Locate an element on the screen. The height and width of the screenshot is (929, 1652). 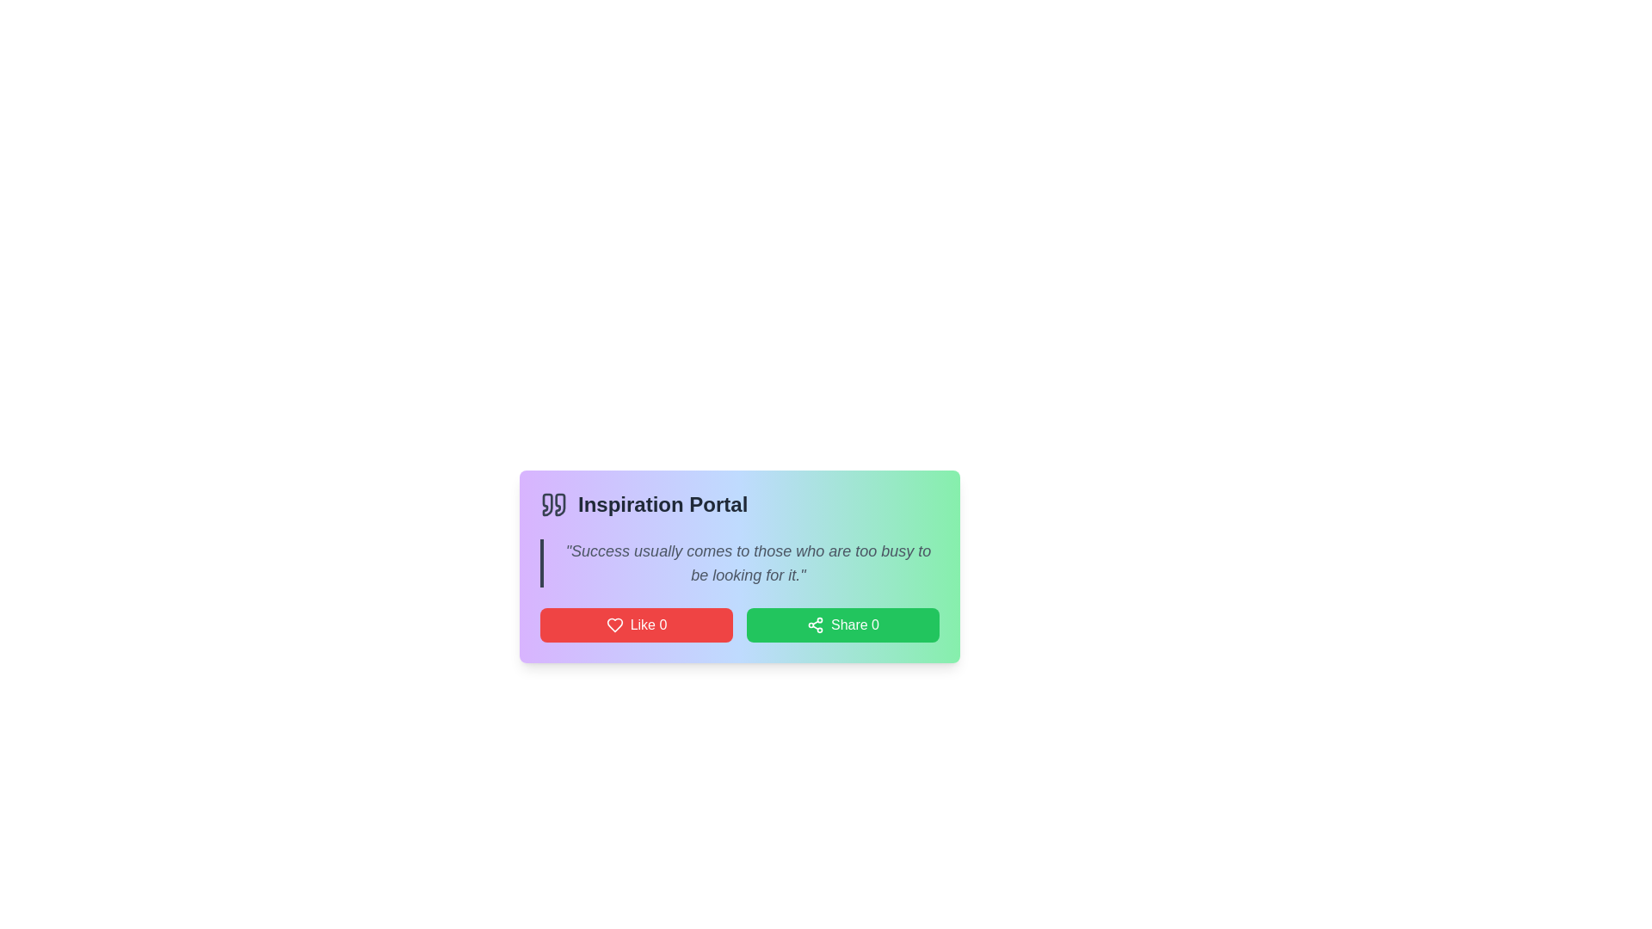
the static text label titled 'Inspiration Portal', which serves as a section title and is positioned to the right of a quotation mark icon is located at coordinates (662, 503).